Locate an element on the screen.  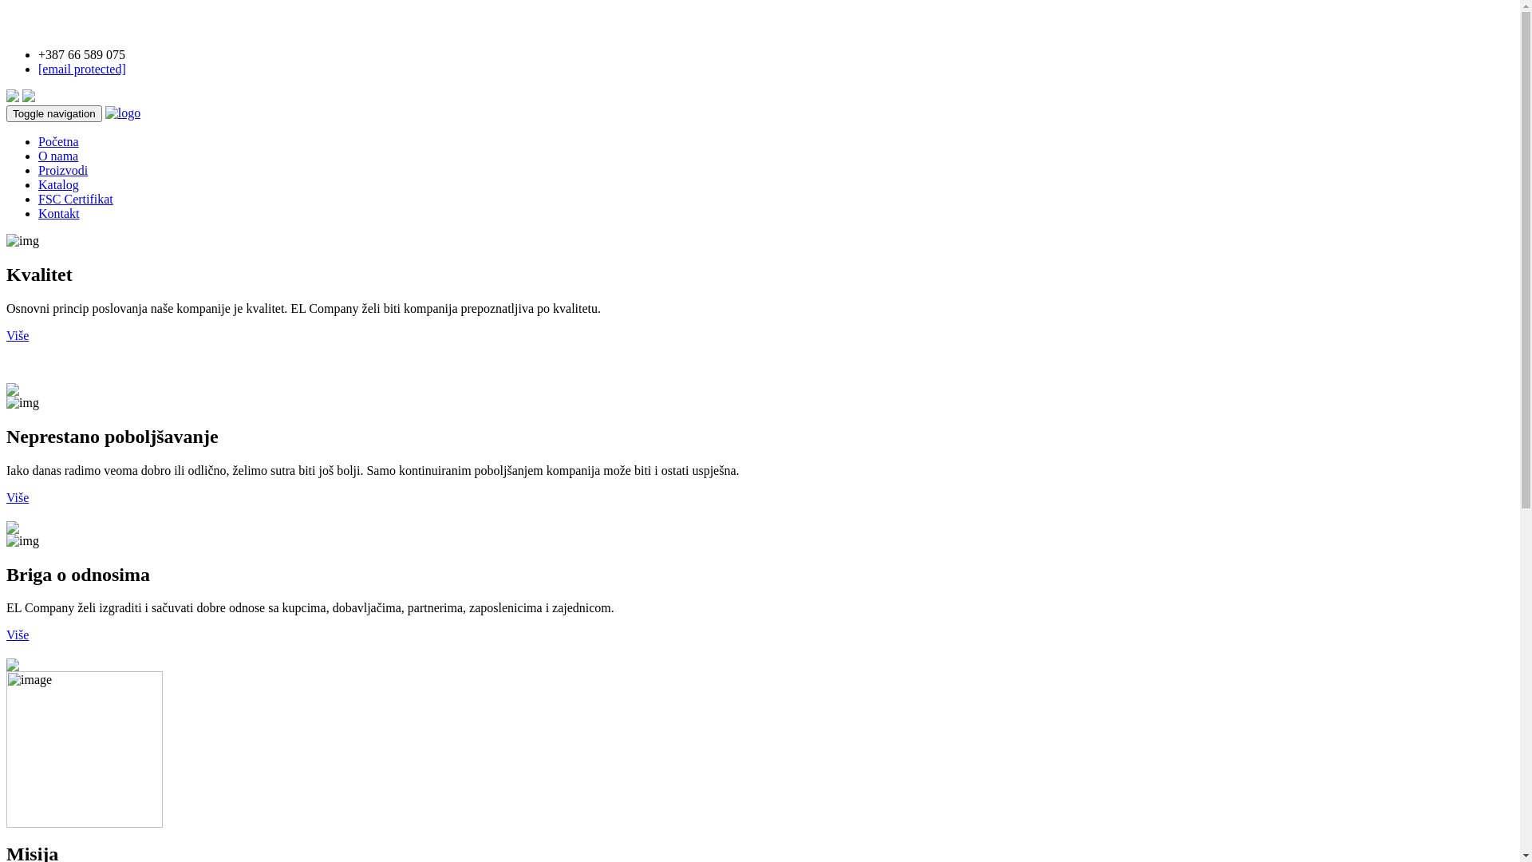
'Toggle navigation' is located at coordinates (53, 113).